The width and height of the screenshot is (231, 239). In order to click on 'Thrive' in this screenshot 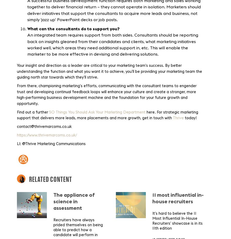, I will do `click(173, 118)`.